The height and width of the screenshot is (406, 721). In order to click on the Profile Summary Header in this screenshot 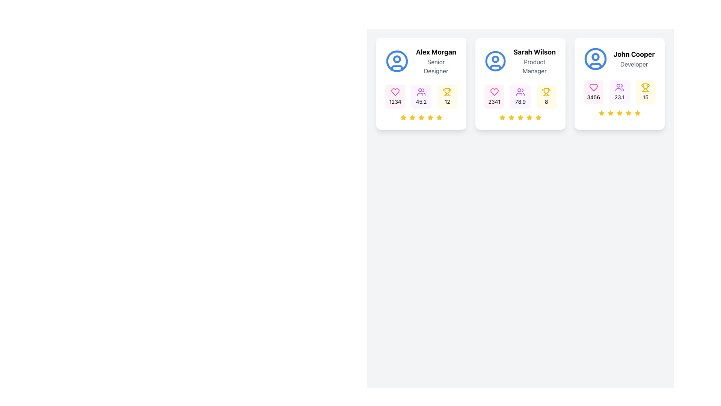, I will do `click(620, 59)`.